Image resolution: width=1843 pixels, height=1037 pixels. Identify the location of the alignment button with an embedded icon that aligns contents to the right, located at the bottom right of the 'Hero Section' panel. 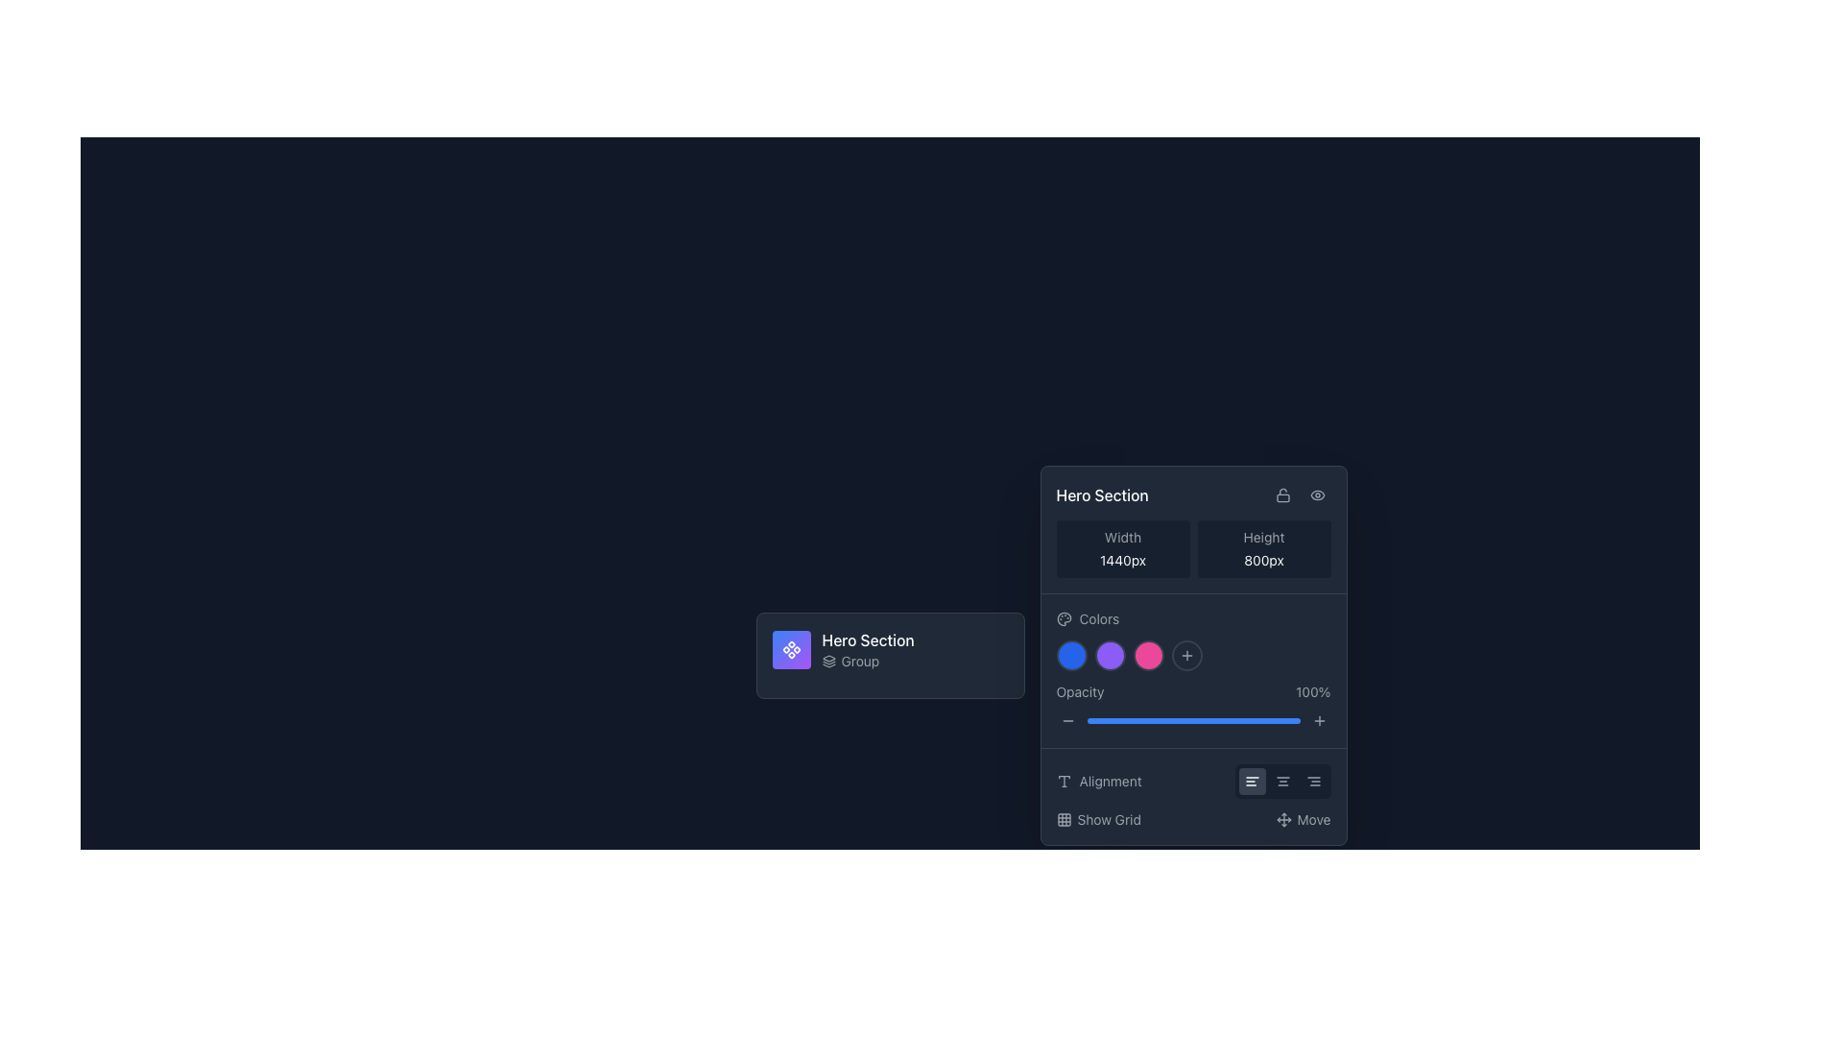
(1312, 781).